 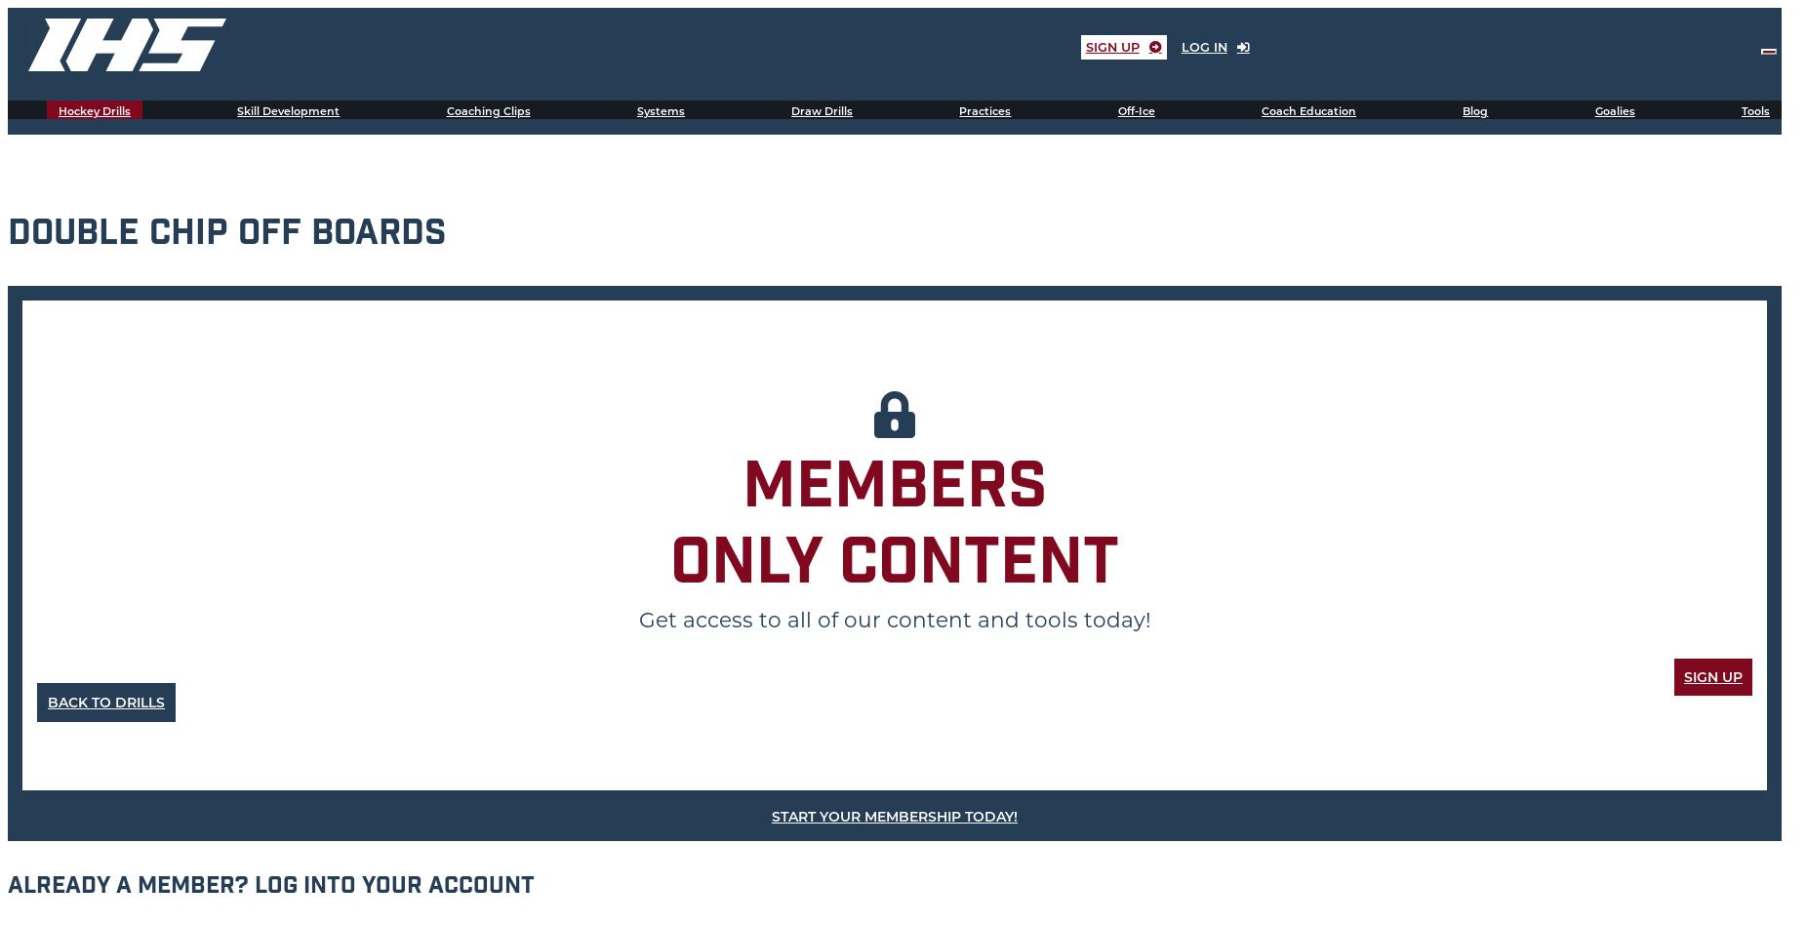 I want to click on 'Double Chip Off Boards', so click(x=226, y=235).